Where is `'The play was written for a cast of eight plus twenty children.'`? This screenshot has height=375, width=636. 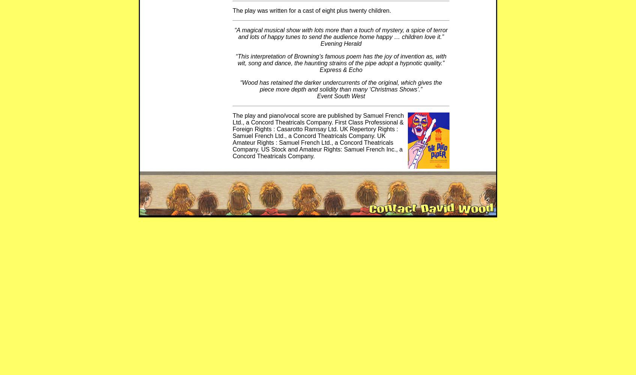 'The play was written for a cast of eight plus twenty children.' is located at coordinates (312, 10).